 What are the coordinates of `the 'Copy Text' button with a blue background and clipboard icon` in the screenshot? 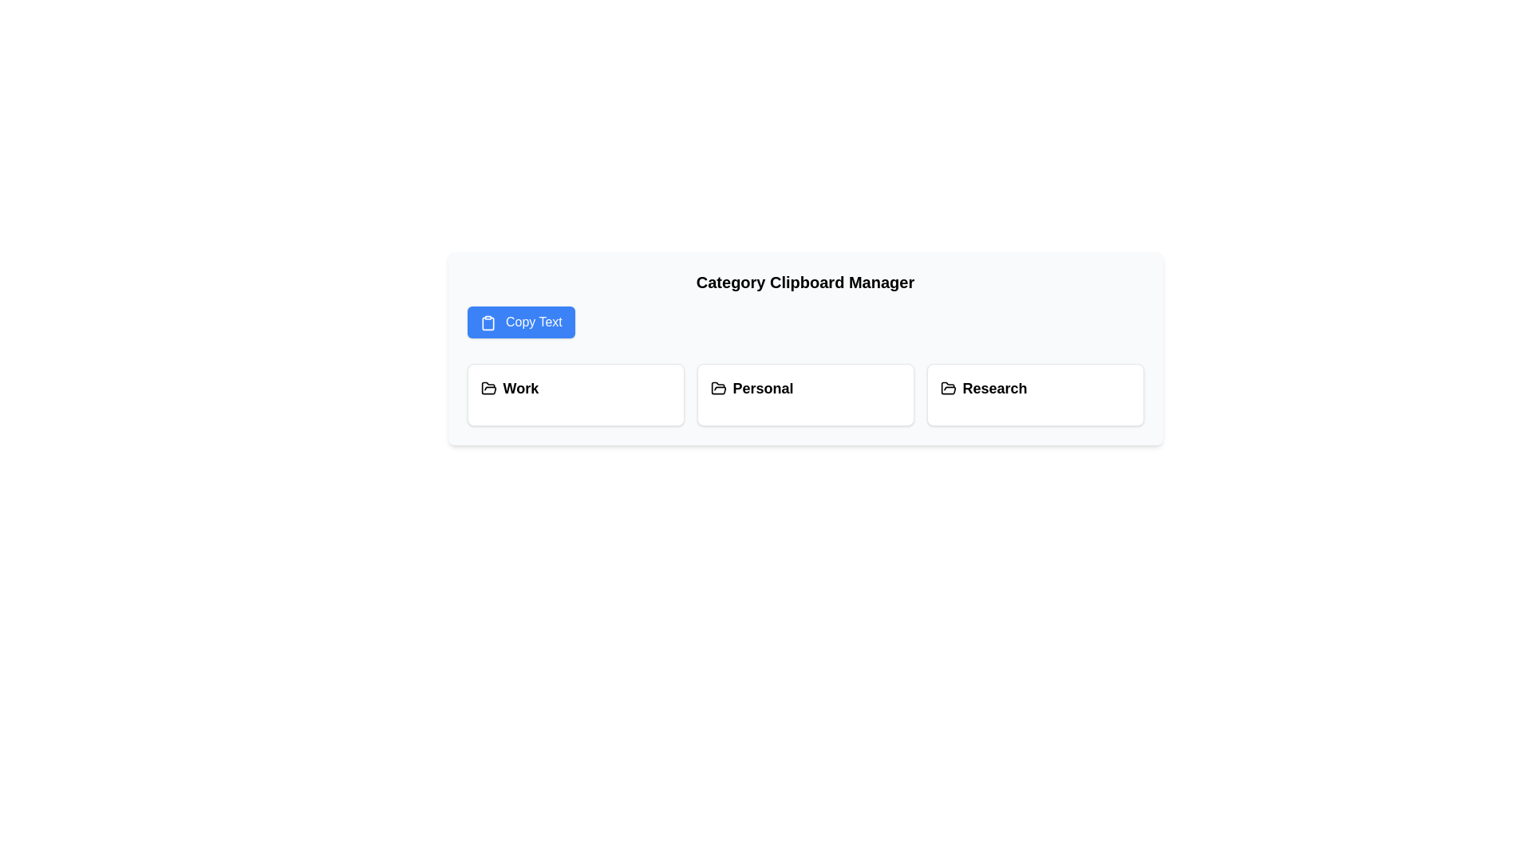 It's located at (521, 322).